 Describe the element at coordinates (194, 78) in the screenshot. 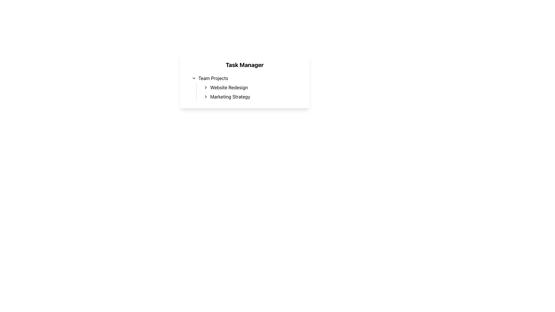

I see `the small downward-pointing chevron icon located to the left of the 'Team Projects' label` at that location.